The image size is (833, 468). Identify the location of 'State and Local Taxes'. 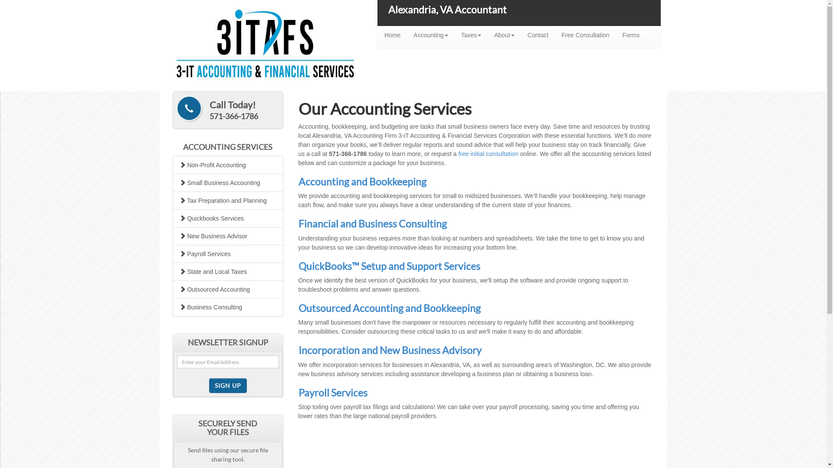
(228, 271).